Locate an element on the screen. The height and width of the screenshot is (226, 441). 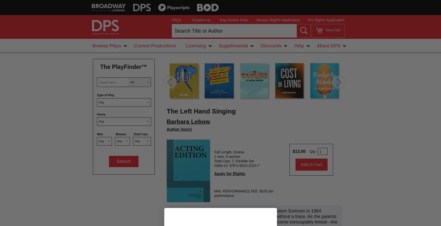
'View Cart' is located at coordinates (333, 30).